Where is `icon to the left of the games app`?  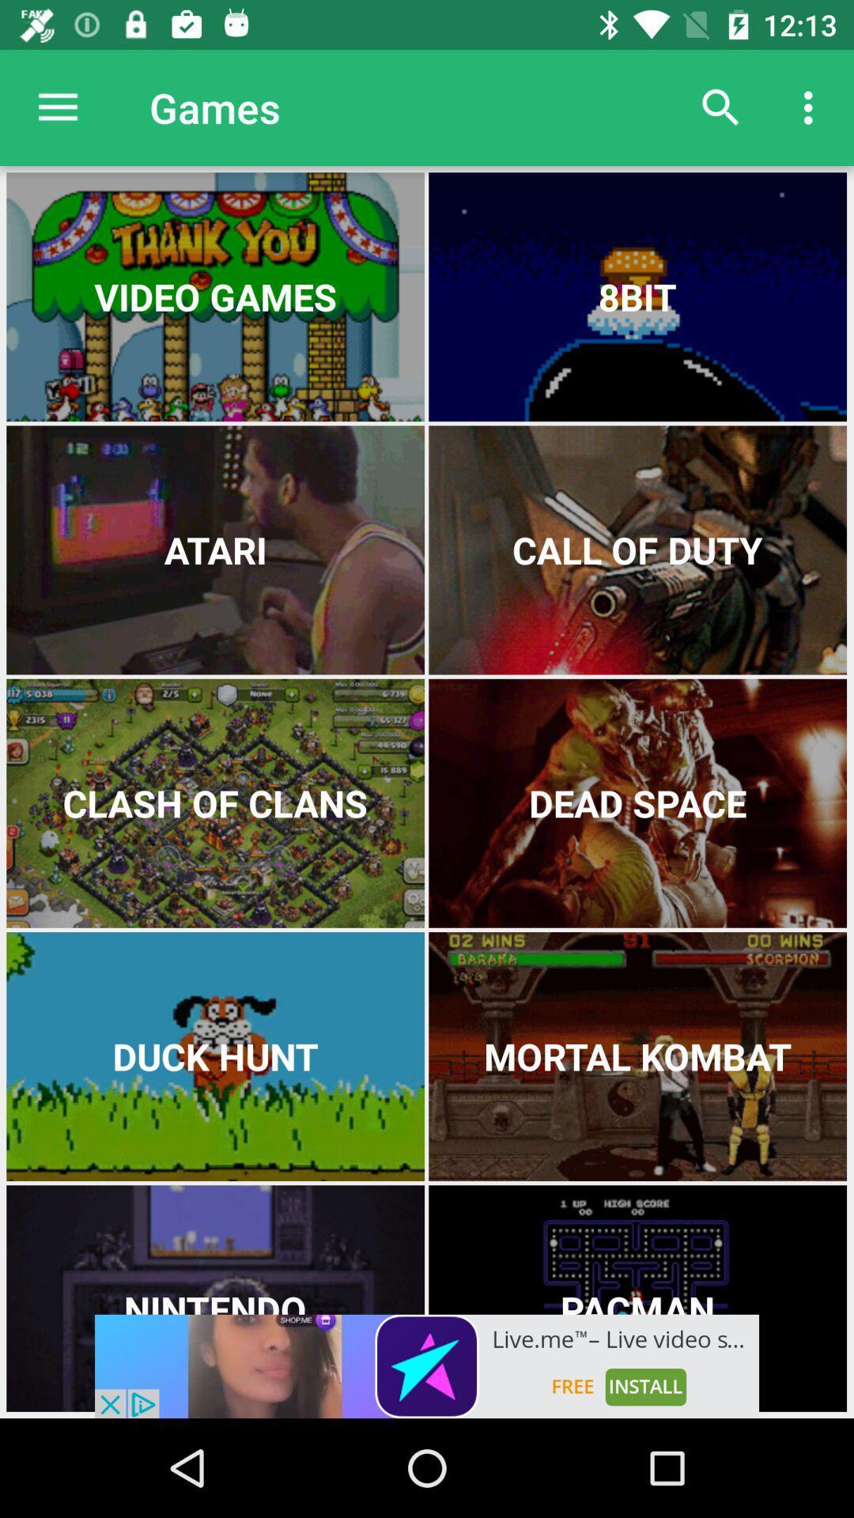 icon to the left of the games app is located at coordinates (57, 107).